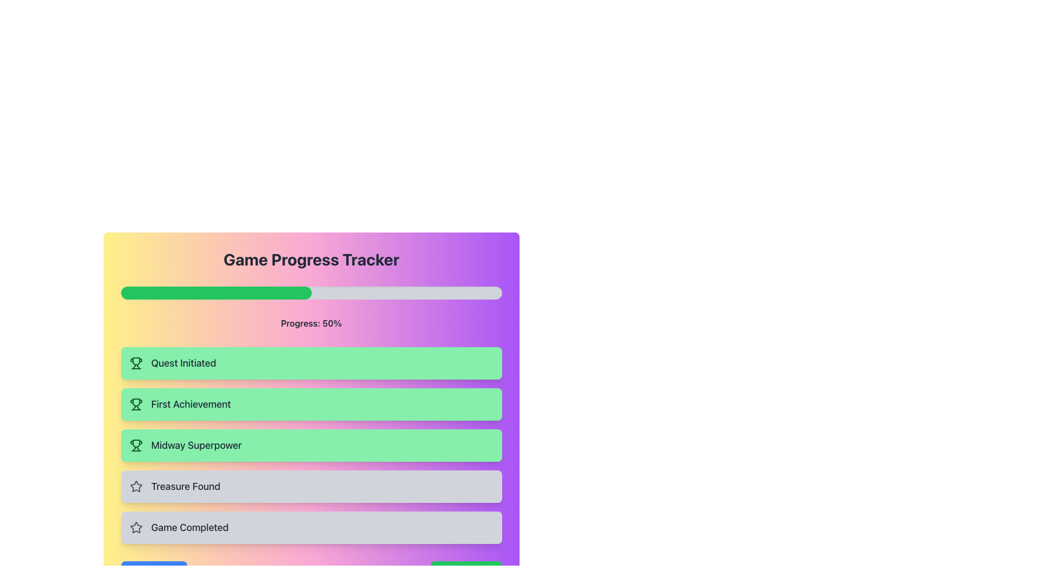 This screenshot has height=584, width=1039. I want to click on the content of the Text Label that describes the completion of the 'Quest Initiated' achievement, located in the topmost green section of the achievements list, to the right of the trophy icon, so click(183, 363).